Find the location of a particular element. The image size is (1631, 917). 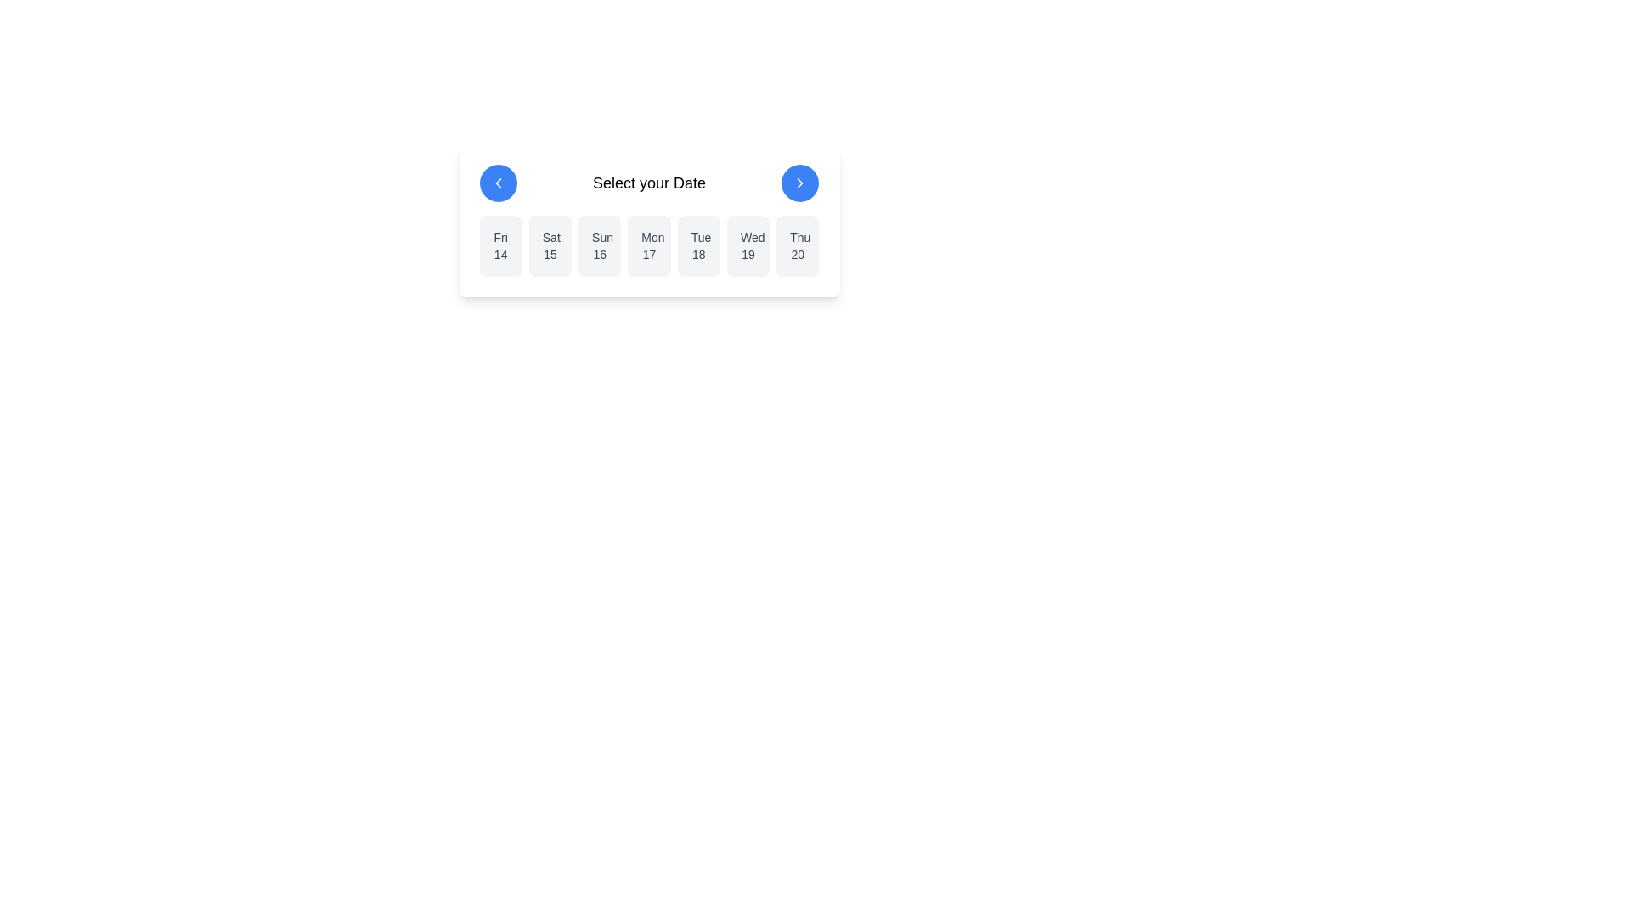

the leftmost navigation button that allows users to navigate to previous options or dates is located at coordinates (497, 183).